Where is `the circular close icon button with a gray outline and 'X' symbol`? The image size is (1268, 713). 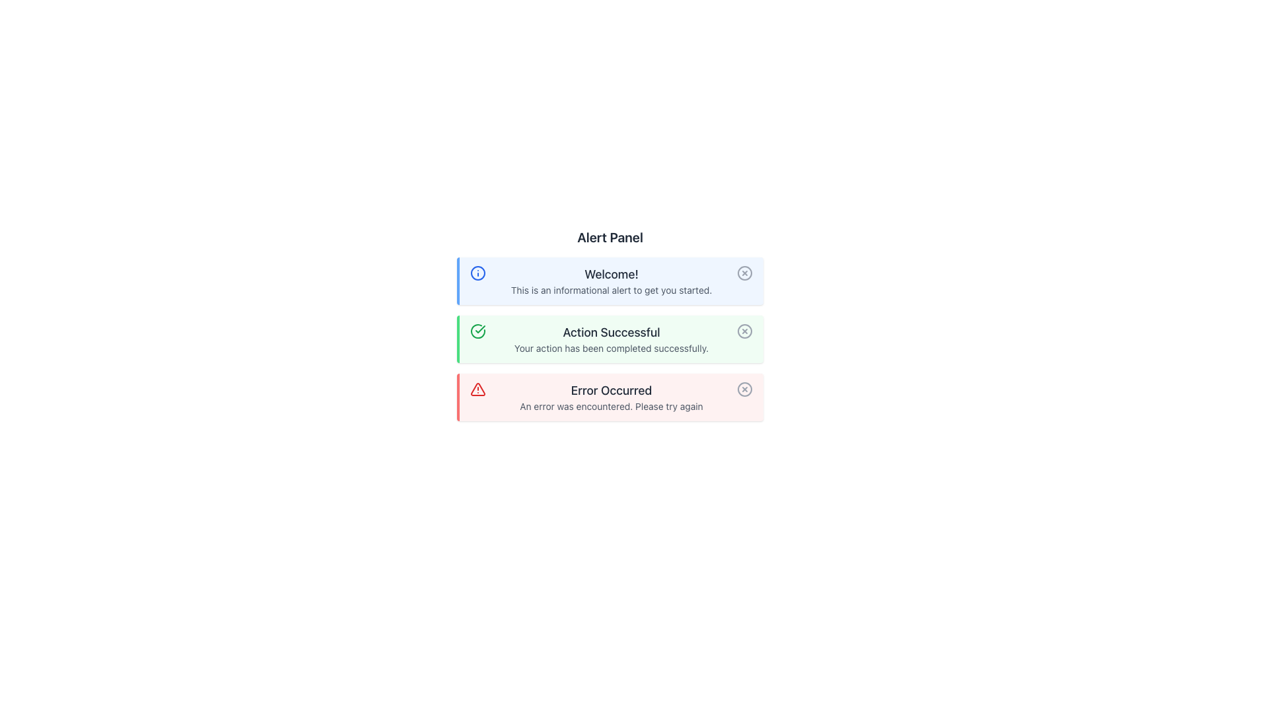
the circular close icon button with a gray outline and 'X' symbol is located at coordinates (745, 389).